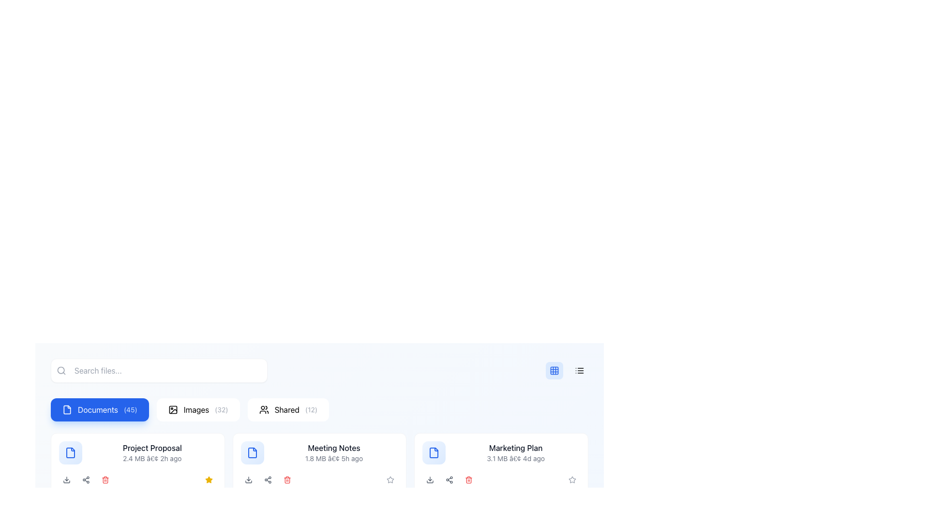 The width and height of the screenshot is (929, 522). Describe the element at coordinates (268, 479) in the screenshot. I see `the button with a network icon styled with a rounded shape, light gray color` at that location.